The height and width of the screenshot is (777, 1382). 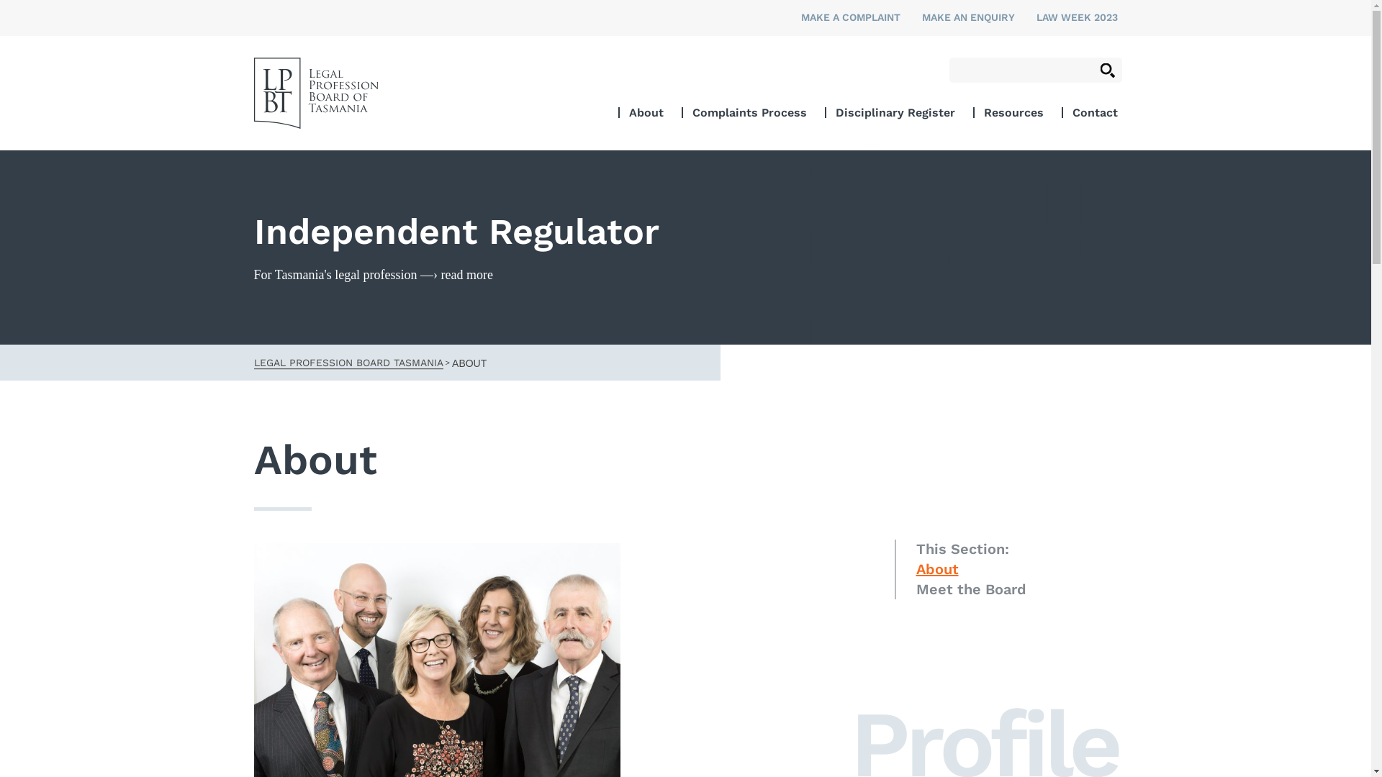 What do you see at coordinates (894, 112) in the screenshot?
I see `'Disciplinary Register'` at bounding box center [894, 112].